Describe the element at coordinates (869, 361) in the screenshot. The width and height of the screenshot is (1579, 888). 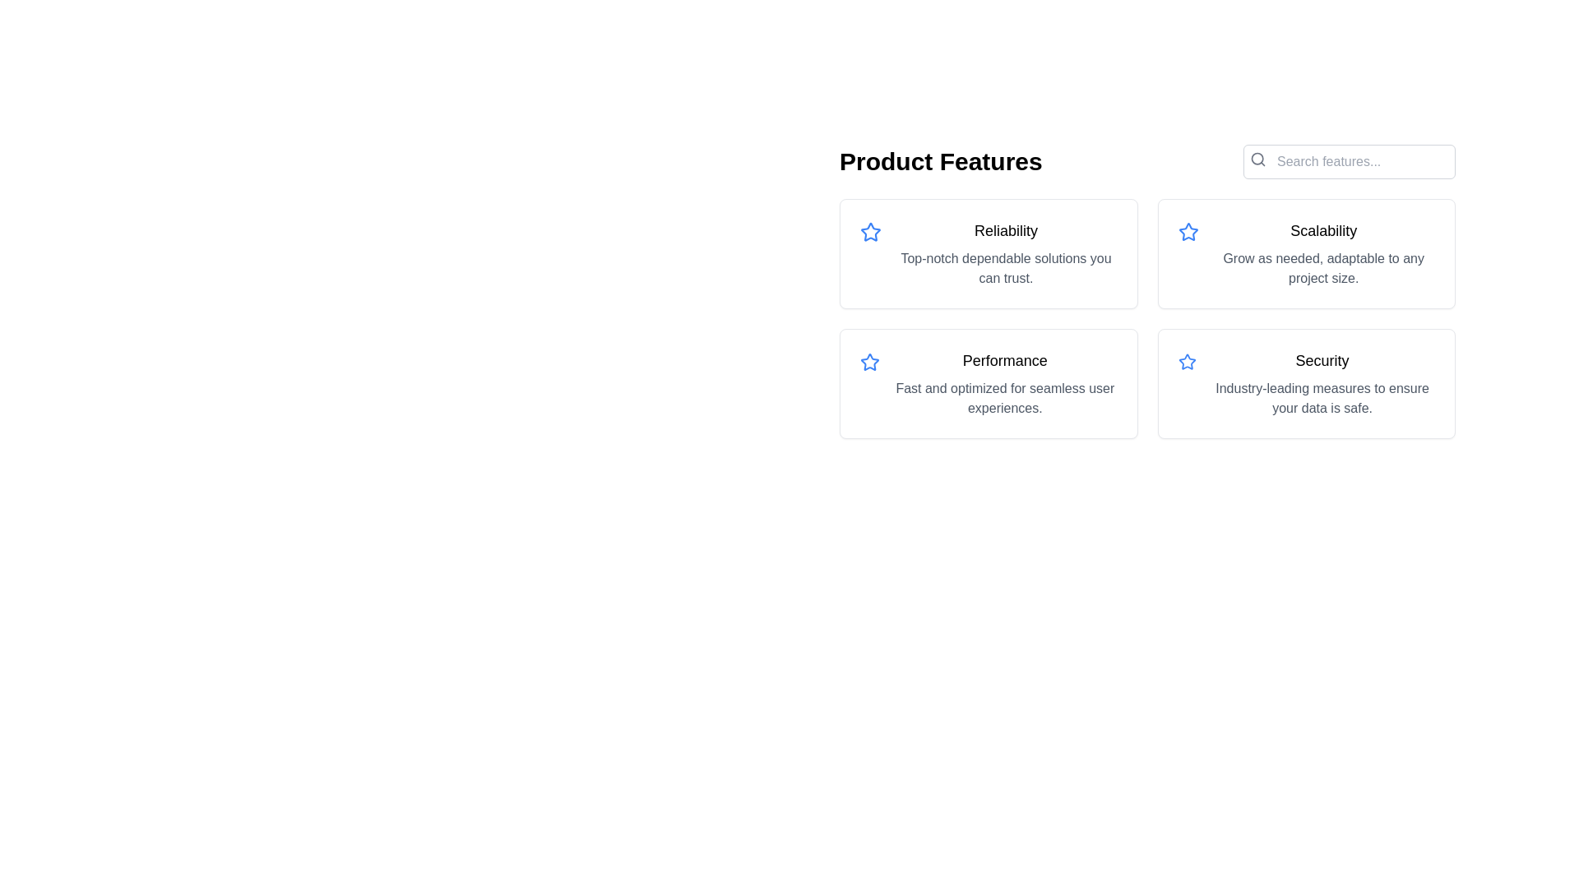
I see `the decorative icon that symbolizes the 'Performance' feature located near the top-left corner of the 'Performance' card in the grid layout of feature cards` at that location.